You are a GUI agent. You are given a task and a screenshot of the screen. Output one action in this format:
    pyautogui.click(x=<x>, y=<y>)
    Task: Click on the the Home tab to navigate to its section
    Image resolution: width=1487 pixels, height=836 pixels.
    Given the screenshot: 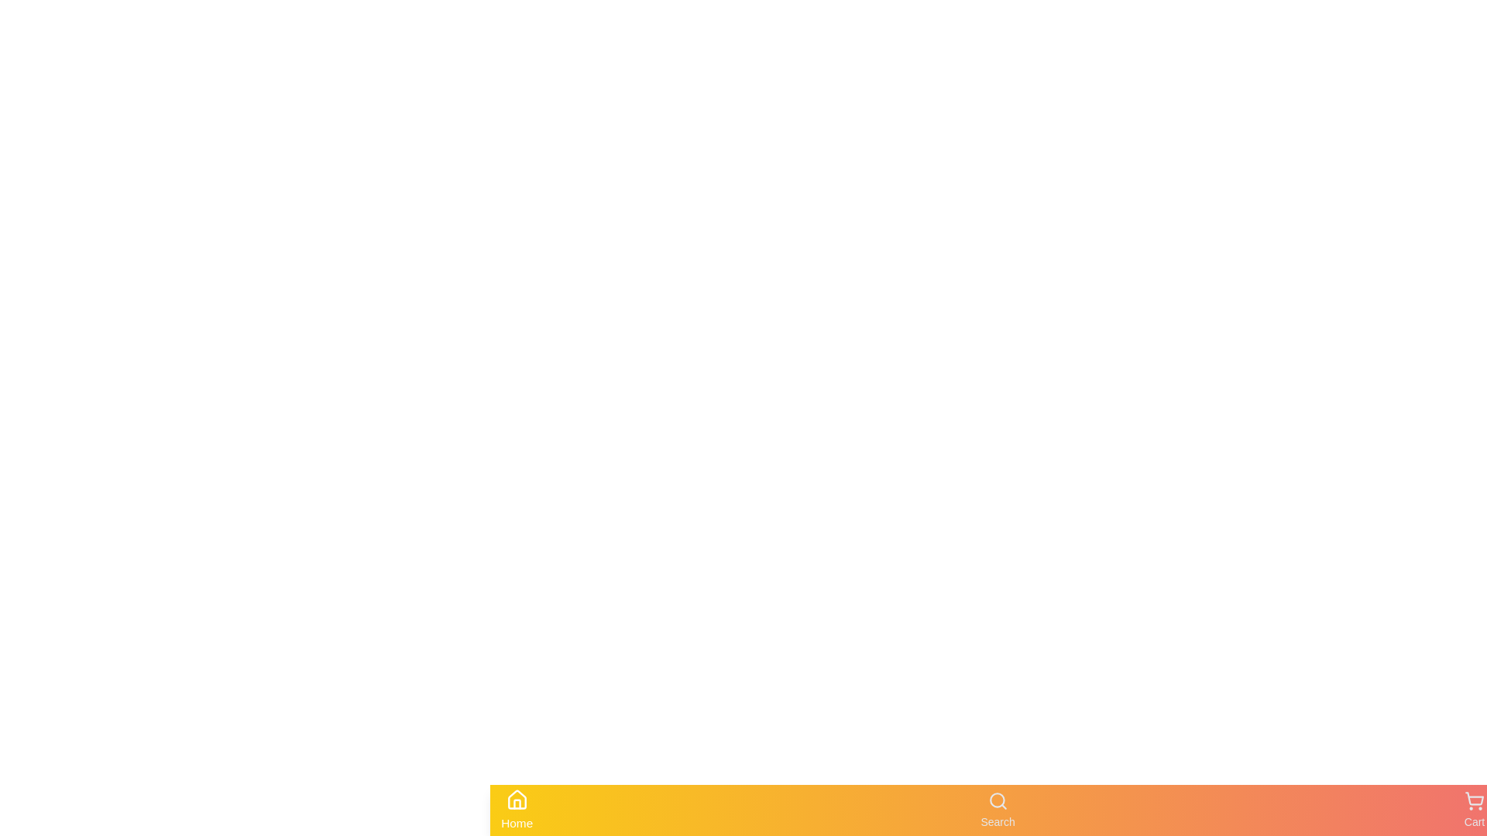 What is the action you would take?
    pyautogui.click(x=517, y=809)
    